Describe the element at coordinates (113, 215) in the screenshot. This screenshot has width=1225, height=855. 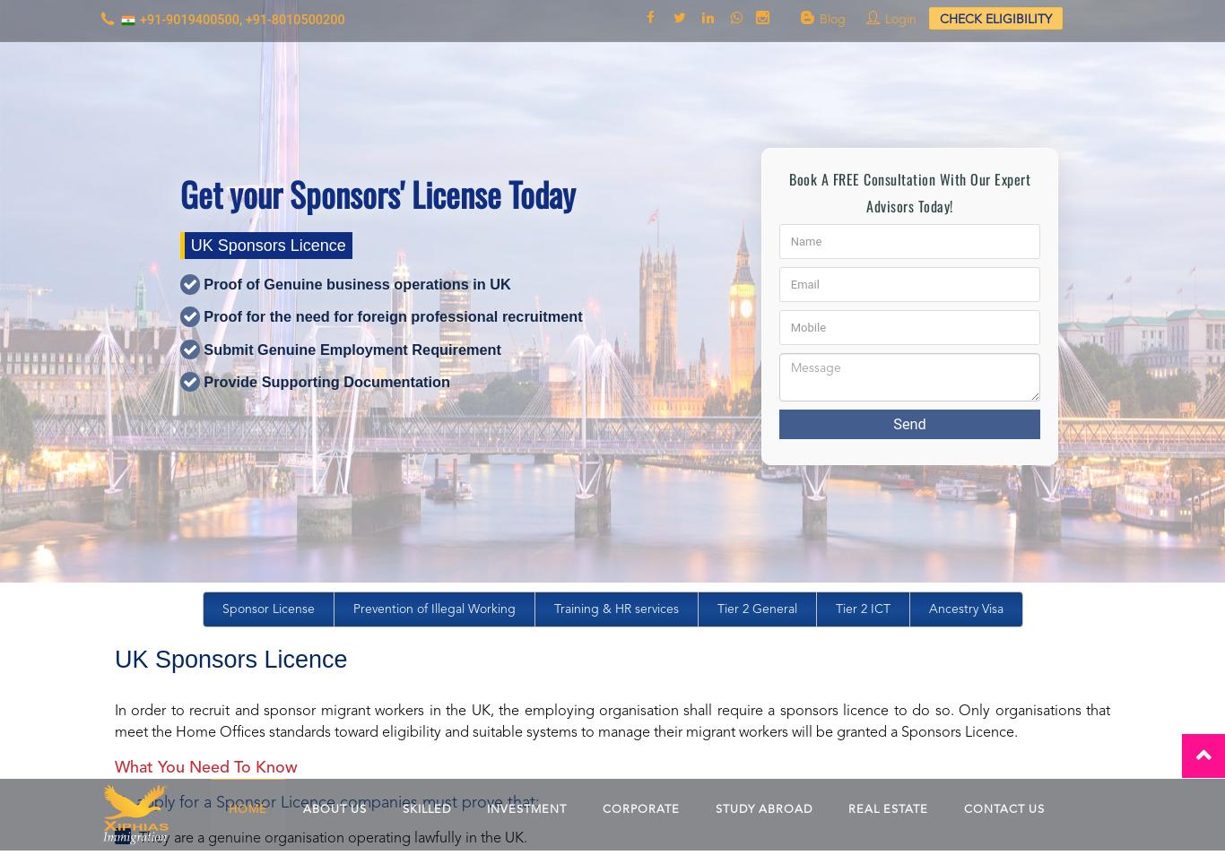
I see `'Companies must complete an online application and provide supporting documentation to meet the necessary evidential requirements. This must be supplied within five days of the initial application.'` at that location.